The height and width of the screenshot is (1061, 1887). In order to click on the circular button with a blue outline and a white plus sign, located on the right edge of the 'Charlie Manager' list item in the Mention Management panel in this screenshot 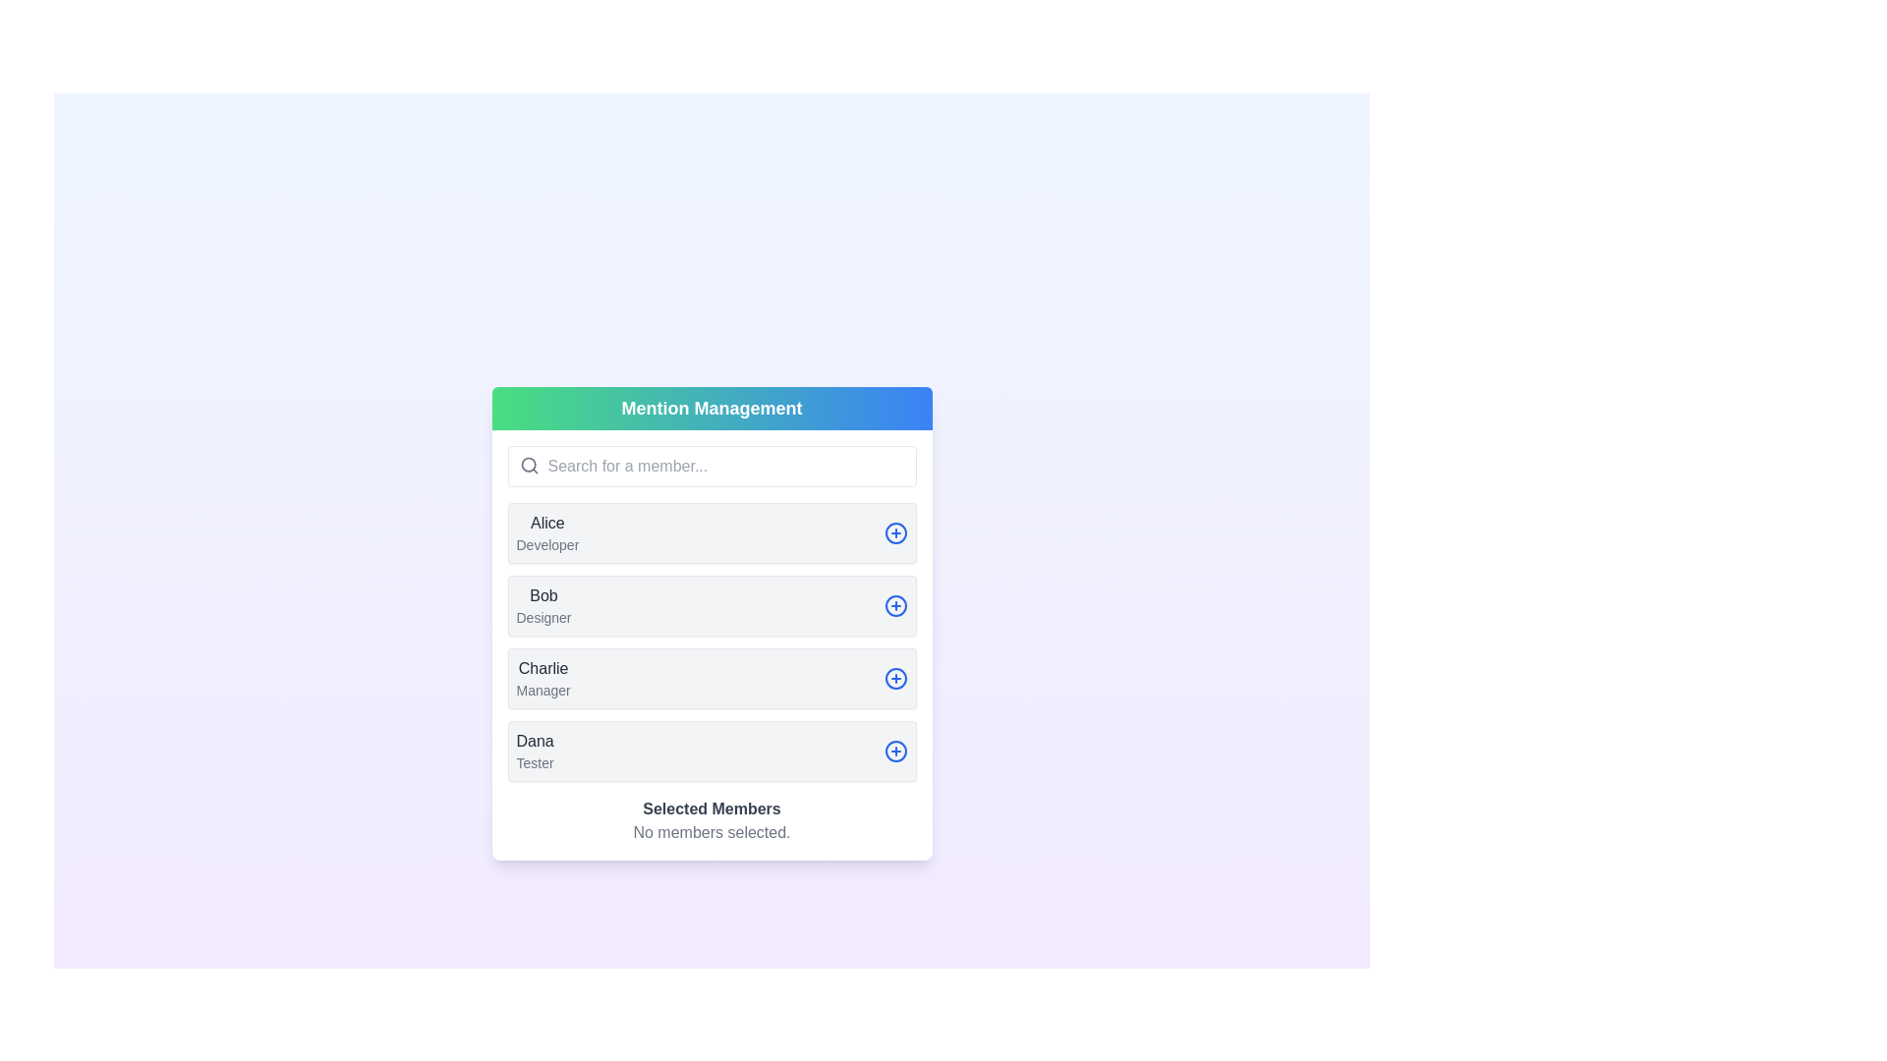, I will do `click(894, 677)`.